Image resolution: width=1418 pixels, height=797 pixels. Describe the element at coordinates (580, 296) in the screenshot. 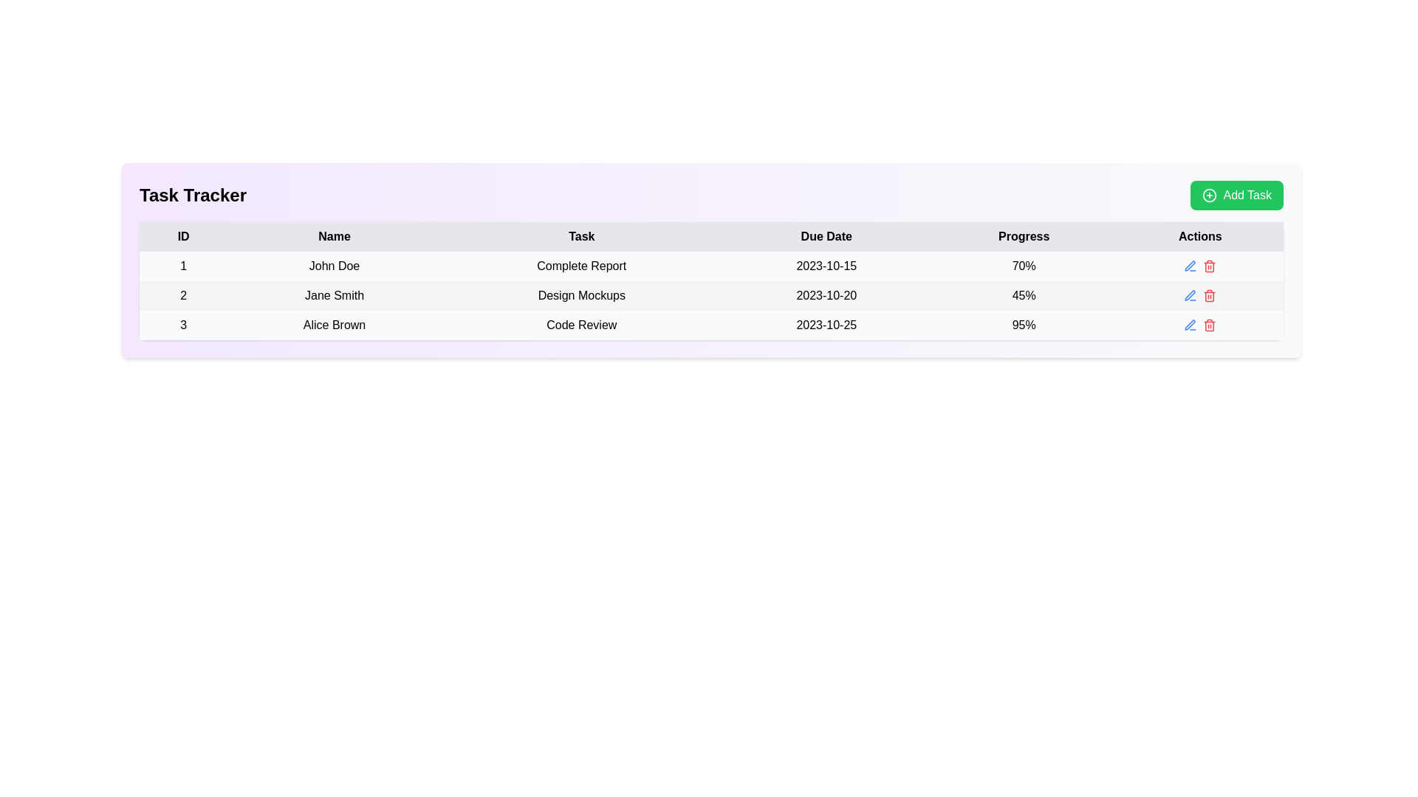

I see `the centered plaintext label displaying 'Design Mockups' located in the 'Task' column of the table, positioned between 'Jane Smith' and '2023-10-20'` at that location.